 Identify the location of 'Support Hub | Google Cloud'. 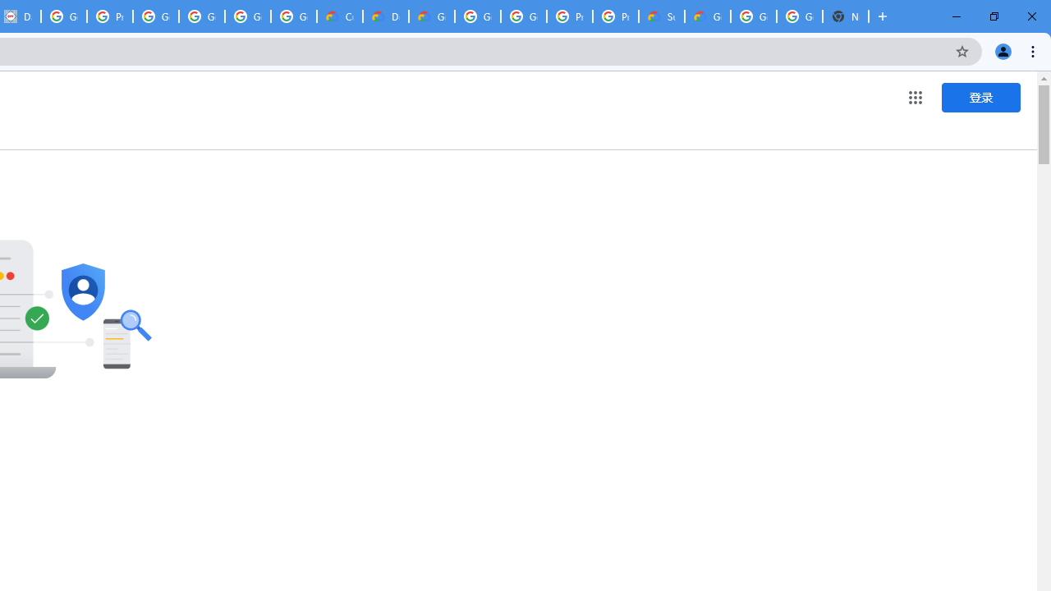
(662, 16).